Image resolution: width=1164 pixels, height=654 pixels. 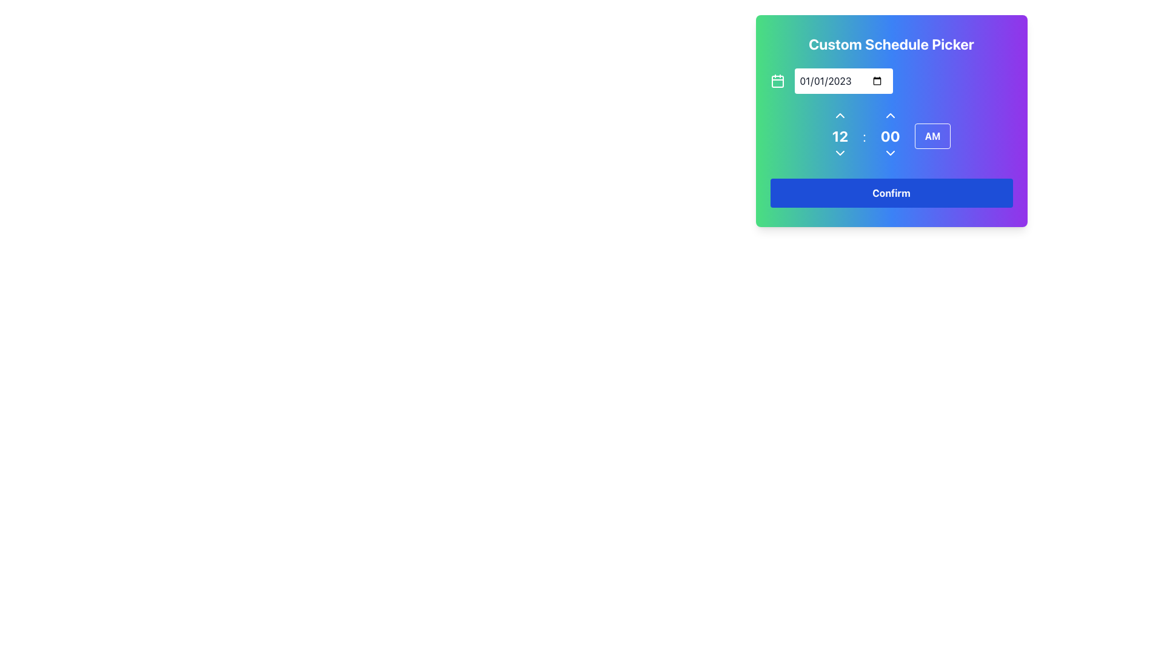 I want to click on the AM/PM toggle button located in the bottom-right corner of the time selection interface, so click(x=932, y=136).